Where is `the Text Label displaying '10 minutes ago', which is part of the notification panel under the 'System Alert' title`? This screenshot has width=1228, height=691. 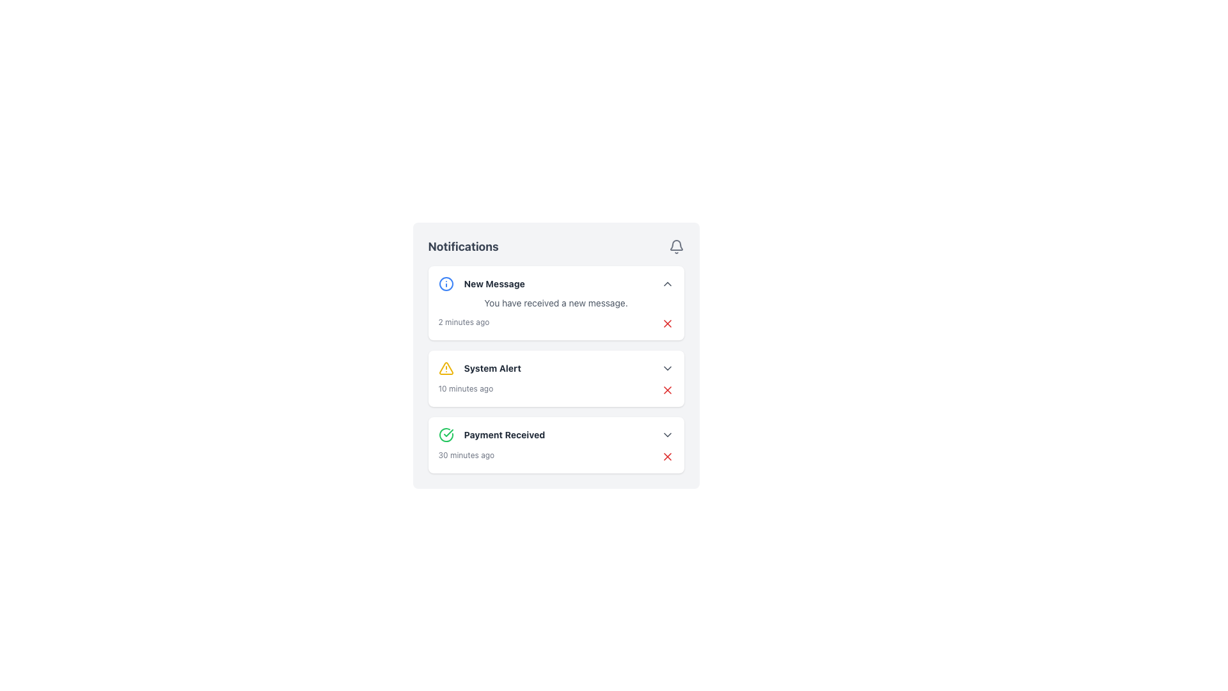 the Text Label displaying '10 minutes ago', which is part of the notification panel under the 'System Alert' title is located at coordinates (465, 389).